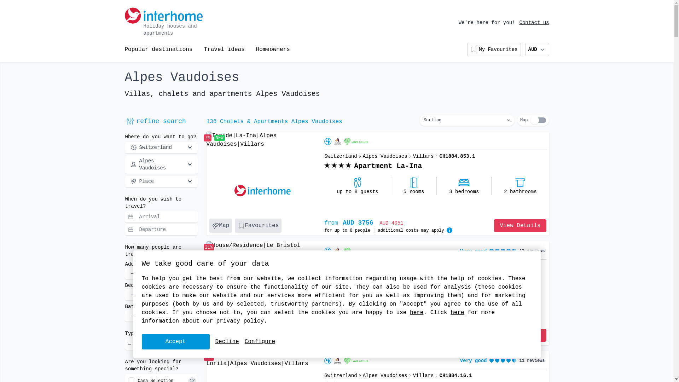 The height and width of the screenshot is (382, 679). What do you see at coordinates (493, 49) in the screenshot?
I see `'My Favourites'` at bounding box center [493, 49].